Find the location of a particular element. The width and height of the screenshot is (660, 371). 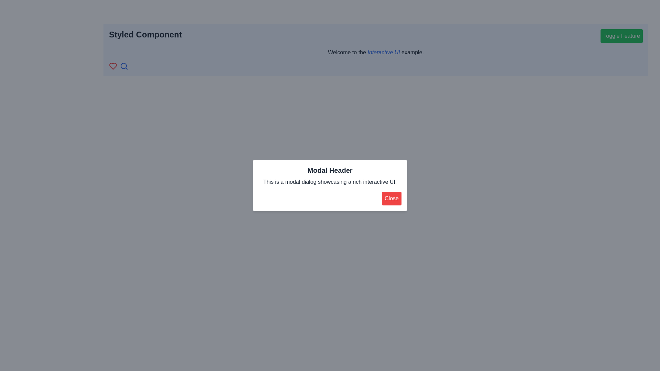

the heart icon located in the upper left segment of the interface, near the label 'Styled Component', which serves as a 'like' button is located at coordinates (113, 66).